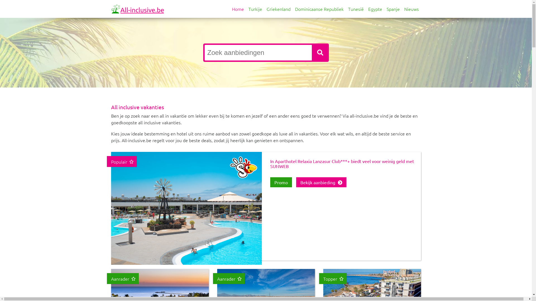 The image size is (536, 301). I want to click on 'Home', so click(238, 9).